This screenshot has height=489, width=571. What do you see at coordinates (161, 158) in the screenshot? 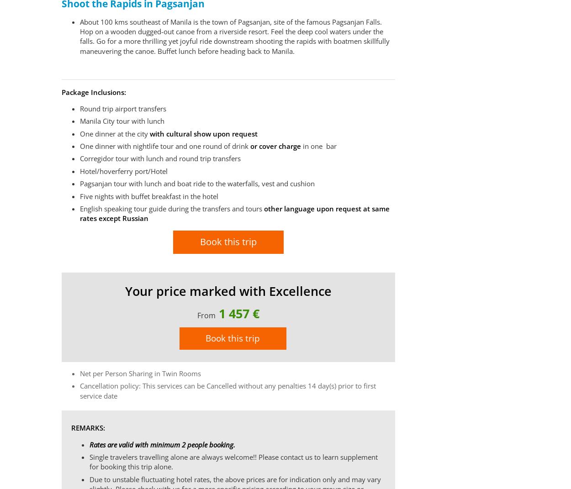
I see `'Corregidor tour with lunch and round trip transfers'` at bounding box center [161, 158].